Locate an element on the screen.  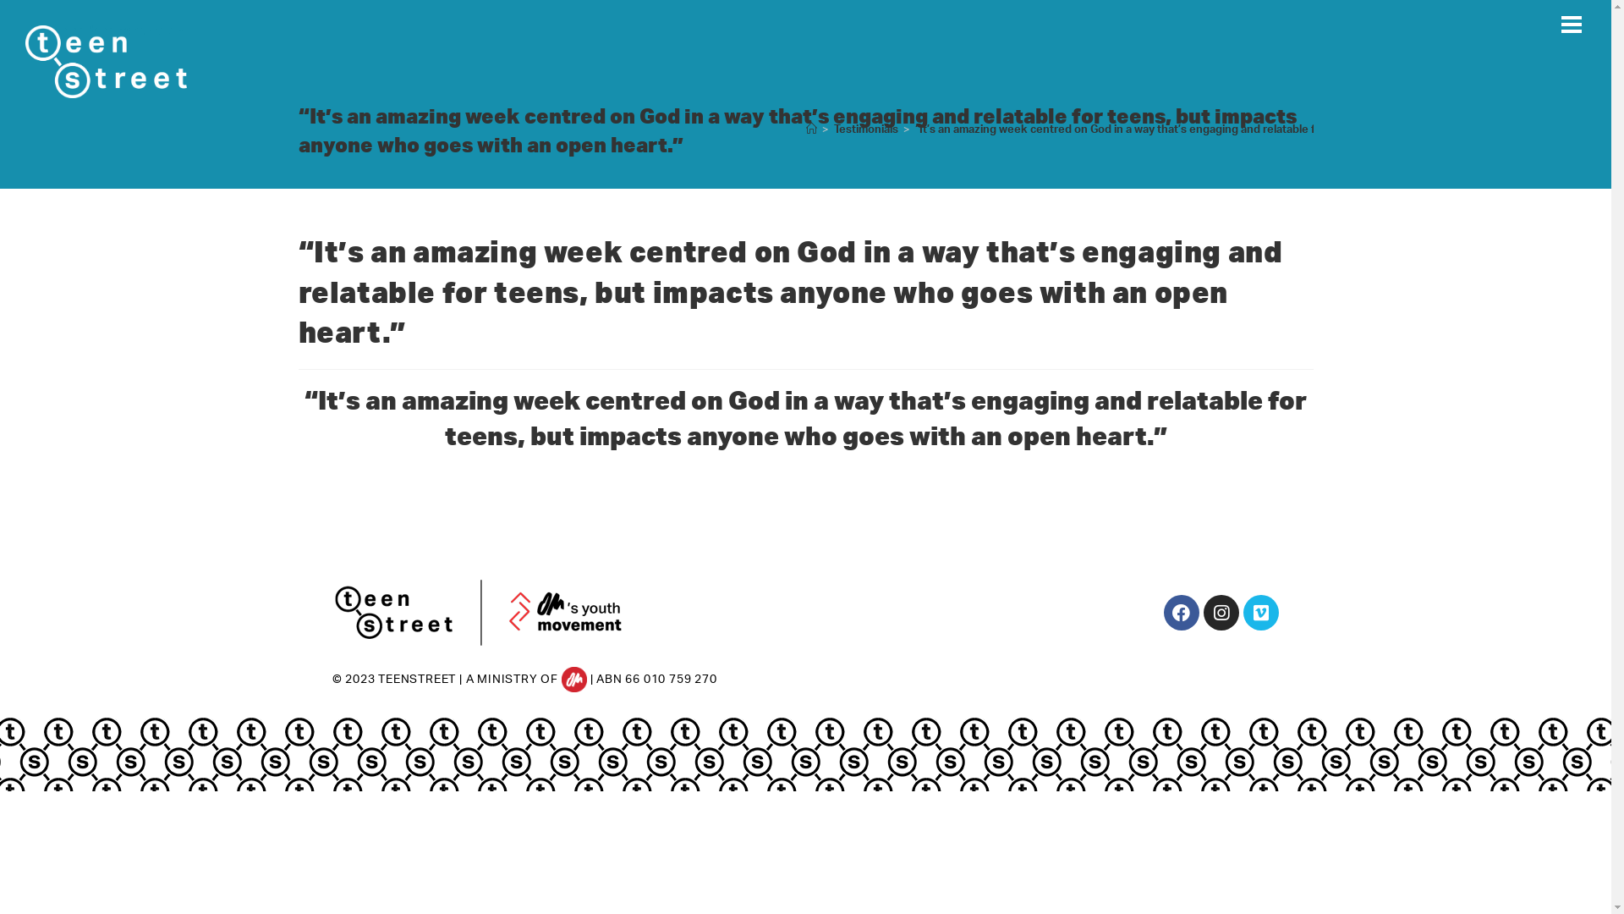
'Testimonials' is located at coordinates (865, 129).